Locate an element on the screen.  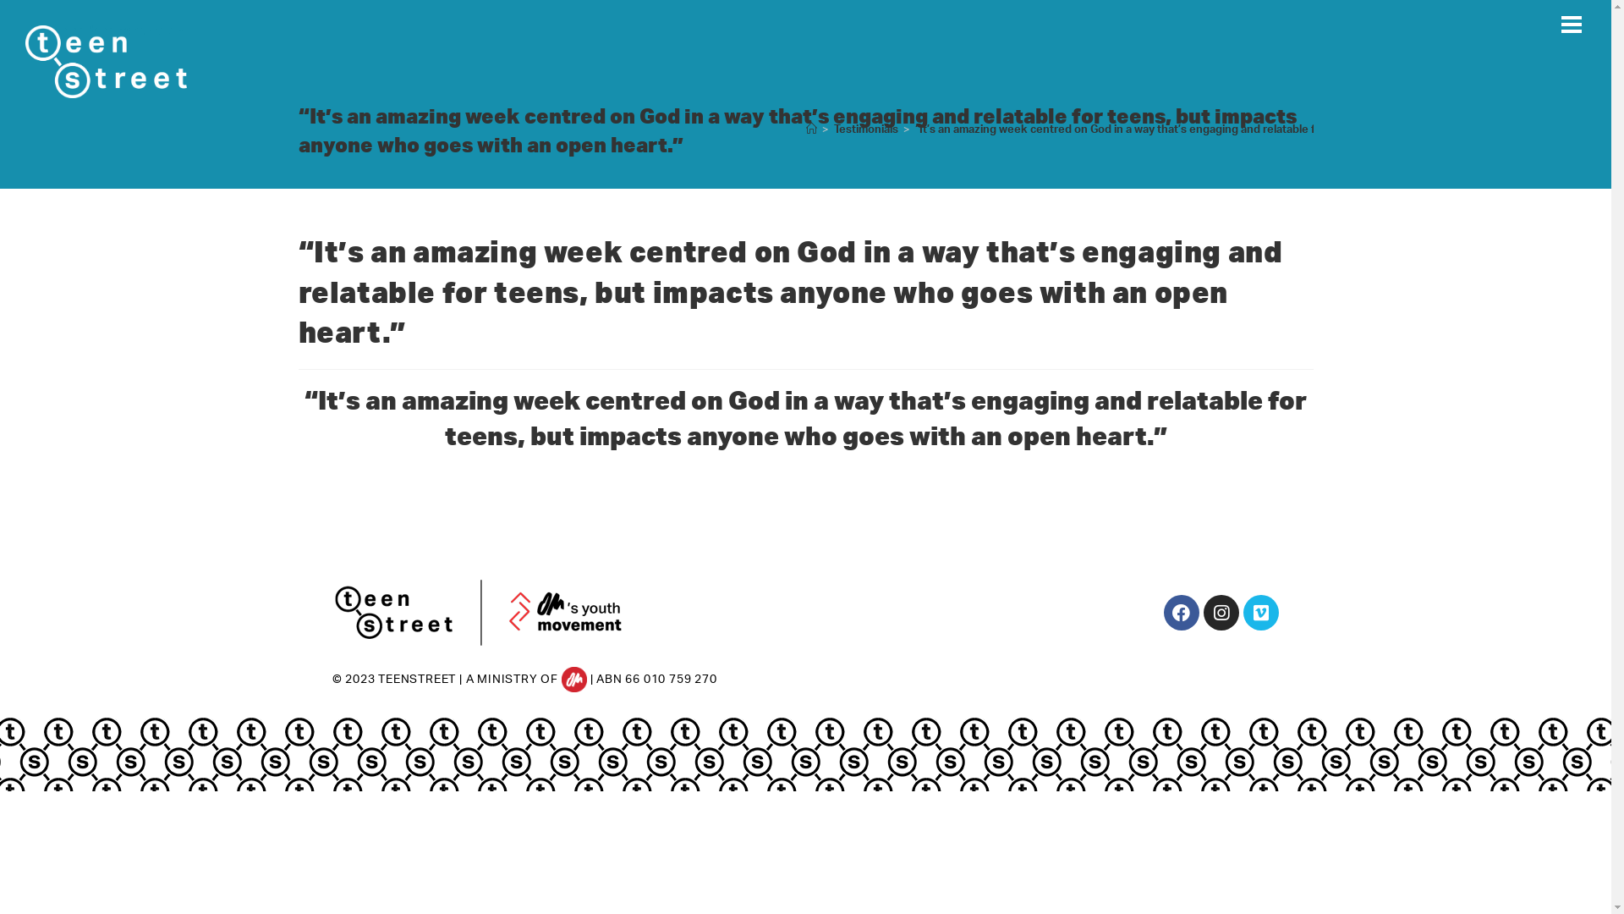
'Testimonials' is located at coordinates (865, 129).